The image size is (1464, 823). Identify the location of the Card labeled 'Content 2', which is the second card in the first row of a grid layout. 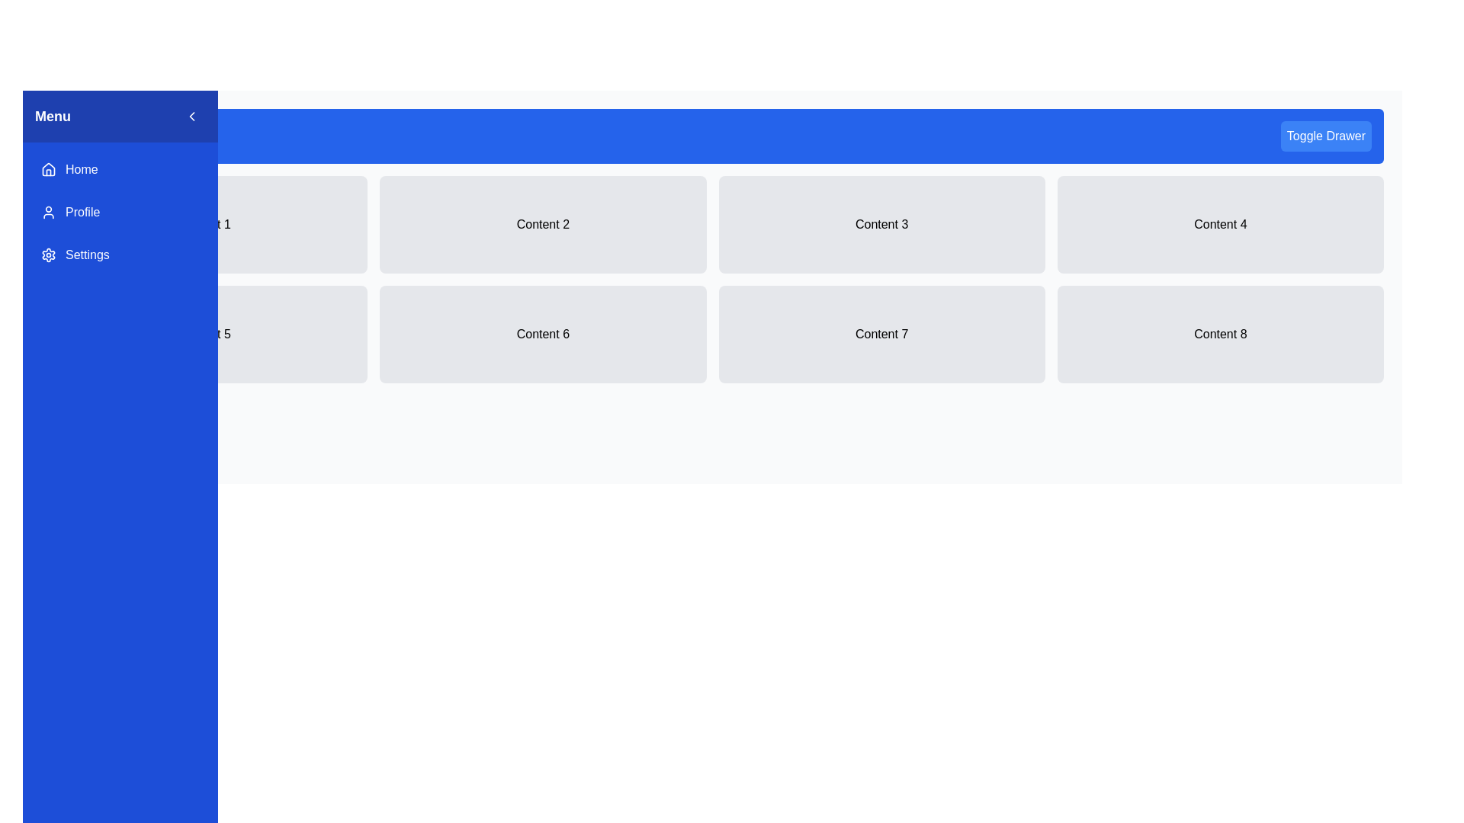
(543, 224).